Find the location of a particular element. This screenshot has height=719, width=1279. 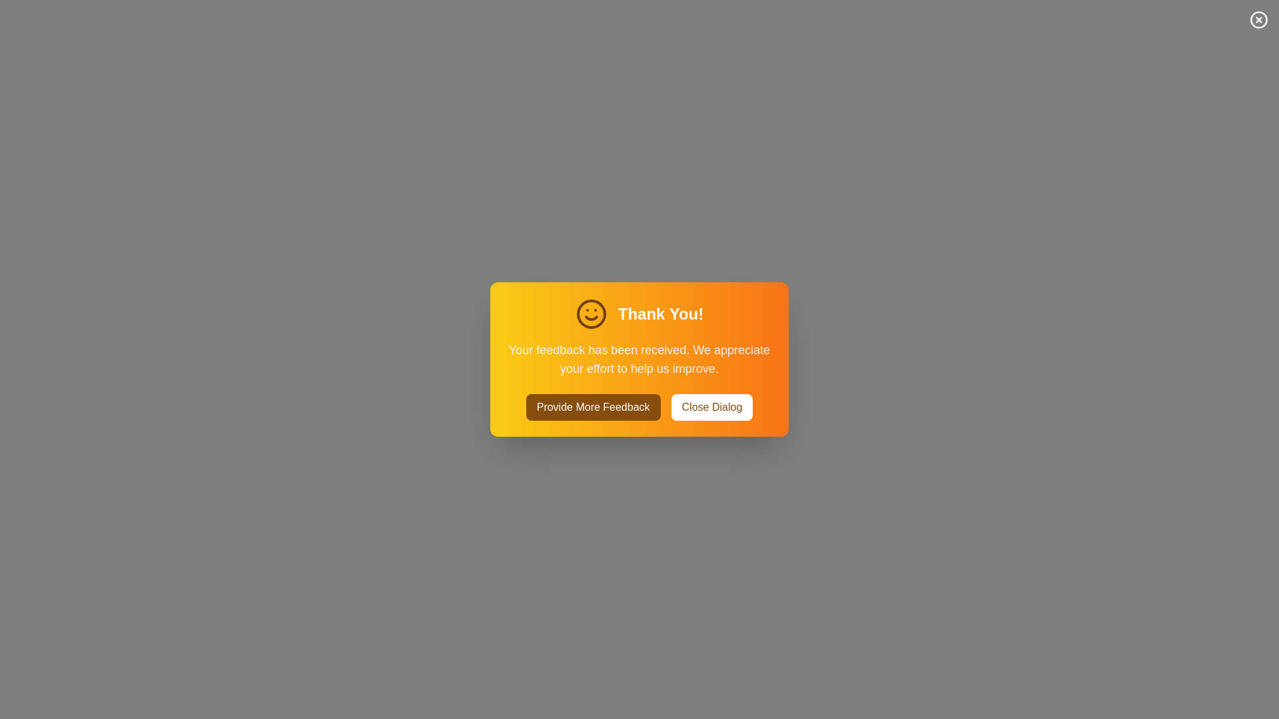

the 'Provide More Feedback' button is located at coordinates (592, 407).